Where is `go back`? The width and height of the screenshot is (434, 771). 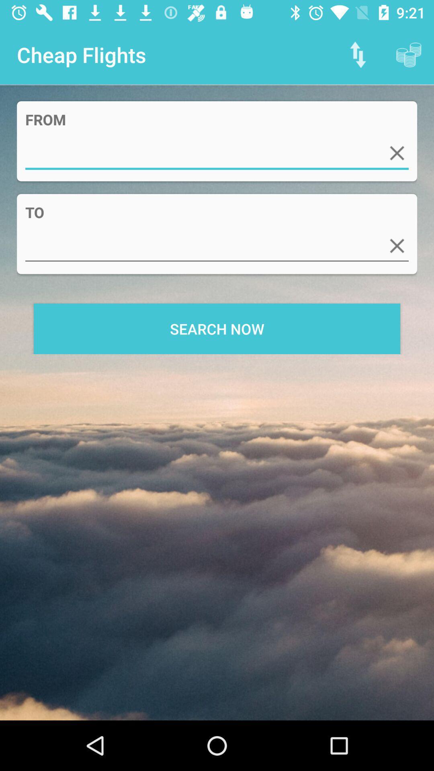 go back is located at coordinates (397, 245).